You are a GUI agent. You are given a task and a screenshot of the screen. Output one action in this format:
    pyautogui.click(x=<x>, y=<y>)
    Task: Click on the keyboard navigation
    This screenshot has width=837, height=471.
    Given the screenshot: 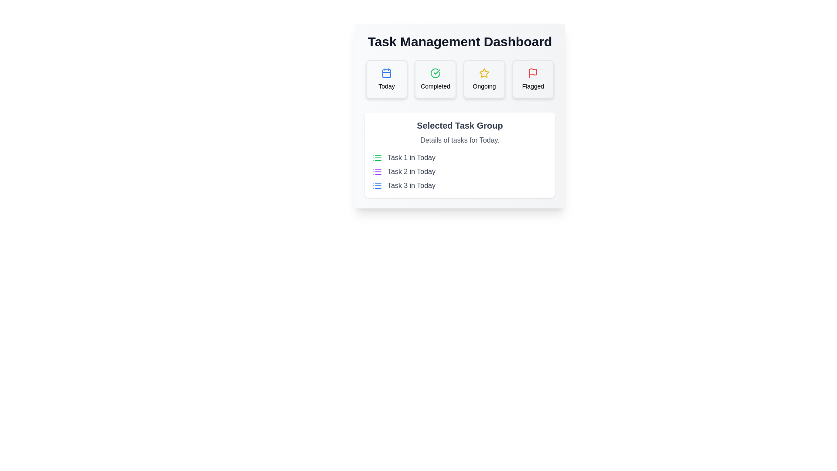 What is the action you would take?
    pyautogui.click(x=435, y=86)
    